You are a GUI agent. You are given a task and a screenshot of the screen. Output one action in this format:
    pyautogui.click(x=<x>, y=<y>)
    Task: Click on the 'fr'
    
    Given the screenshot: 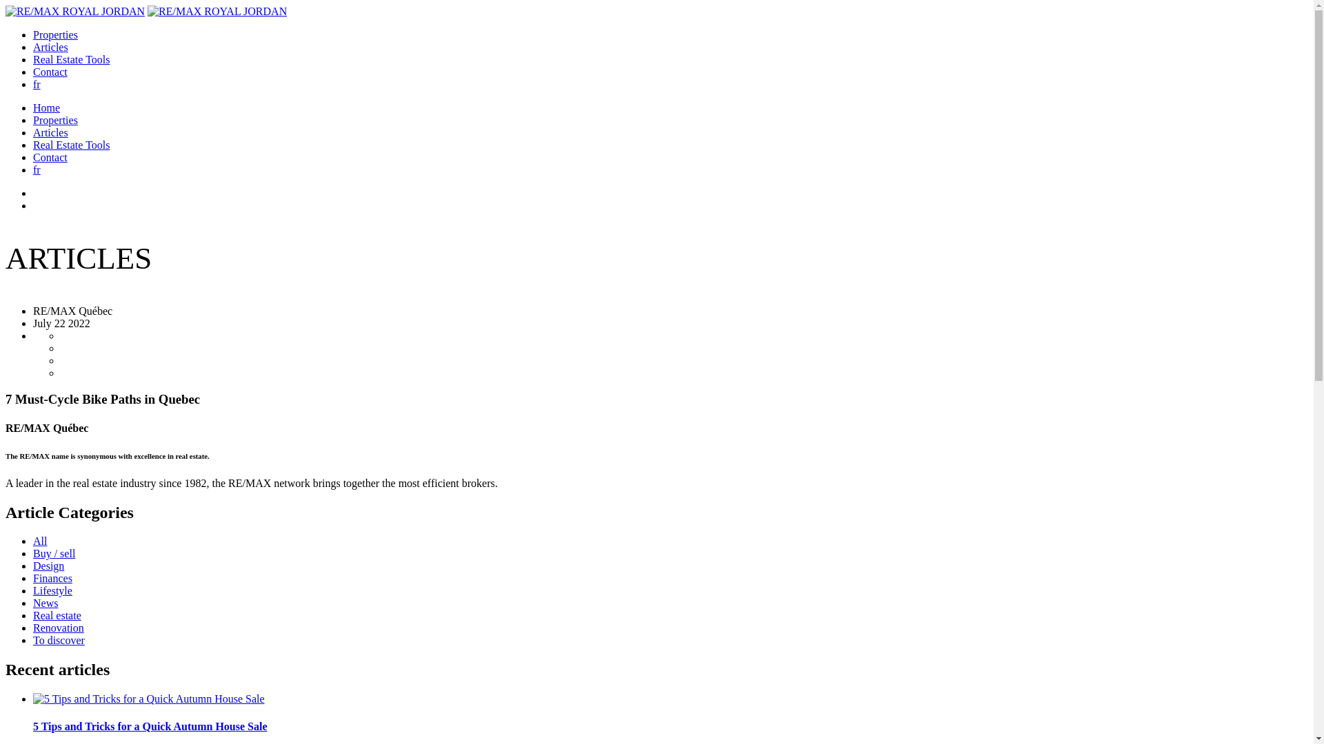 What is the action you would take?
    pyautogui.click(x=37, y=84)
    